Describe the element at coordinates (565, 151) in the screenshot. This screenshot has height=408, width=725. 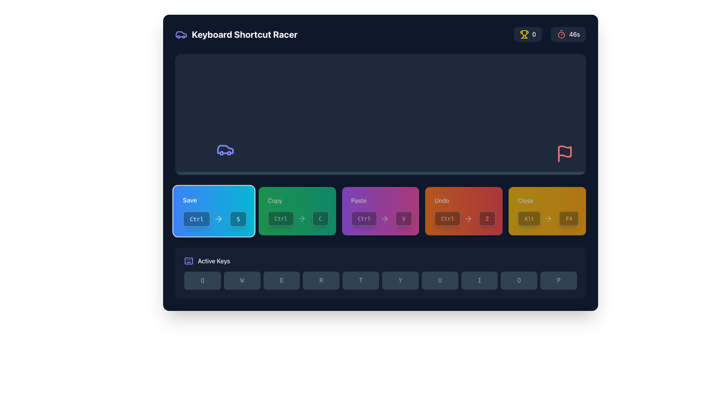
I see `the icon located at the bottom-right corner of the primary interactive area, which serves as a marker or indicator for a status, action, or goal` at that location.